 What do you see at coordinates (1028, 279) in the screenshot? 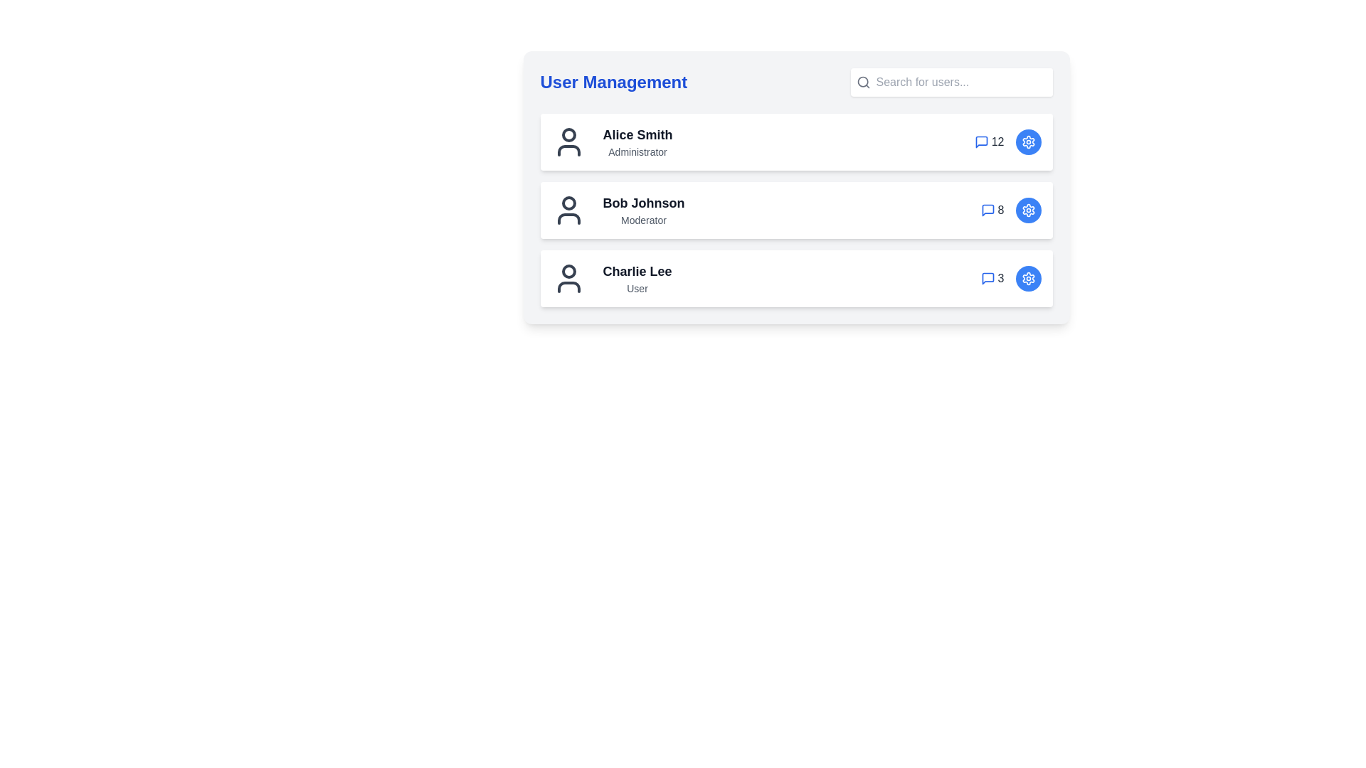
I see `settings button for the user identified by Charlie Lee` at bounding box center [1028, 279].